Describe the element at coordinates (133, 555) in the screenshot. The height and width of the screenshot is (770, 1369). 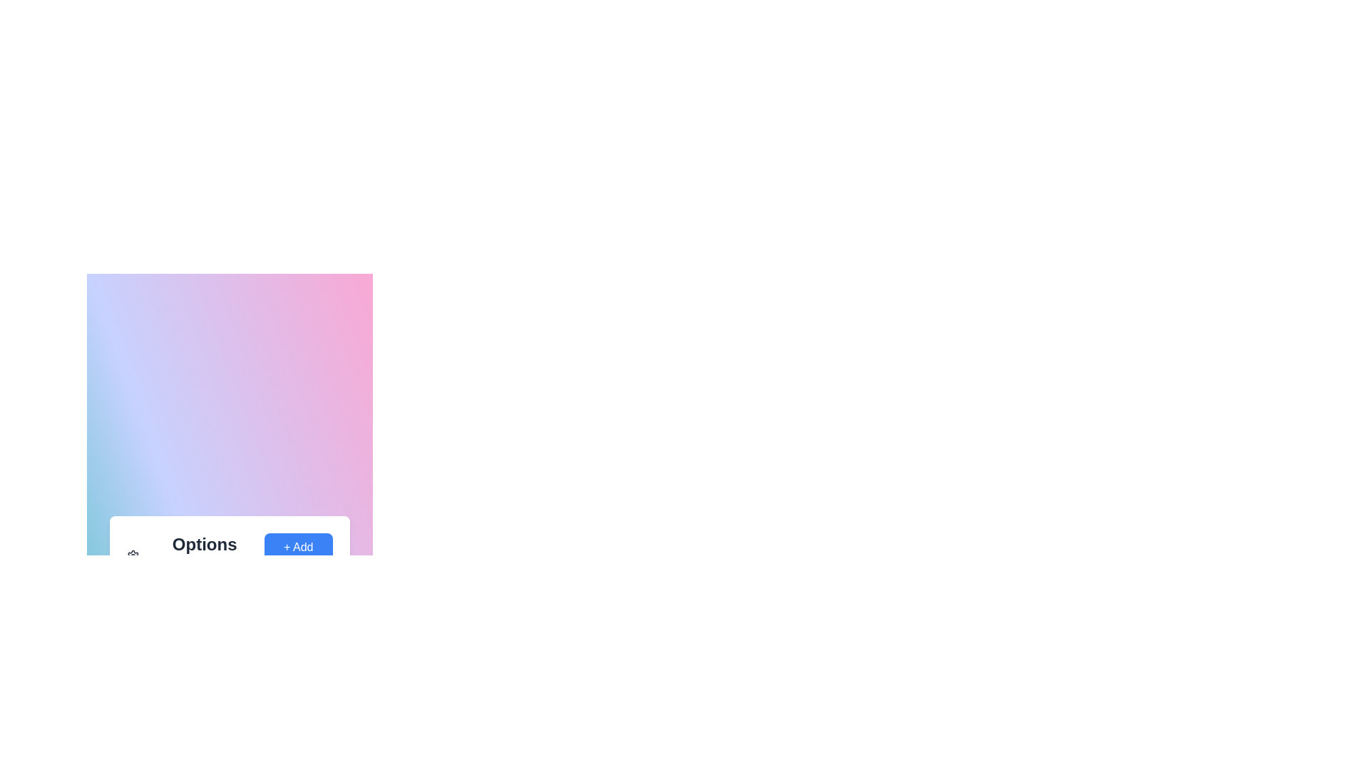
I see `the Settings icon, which is a gear-shaped icon located to the left of the text 'Options Management'` at that location.